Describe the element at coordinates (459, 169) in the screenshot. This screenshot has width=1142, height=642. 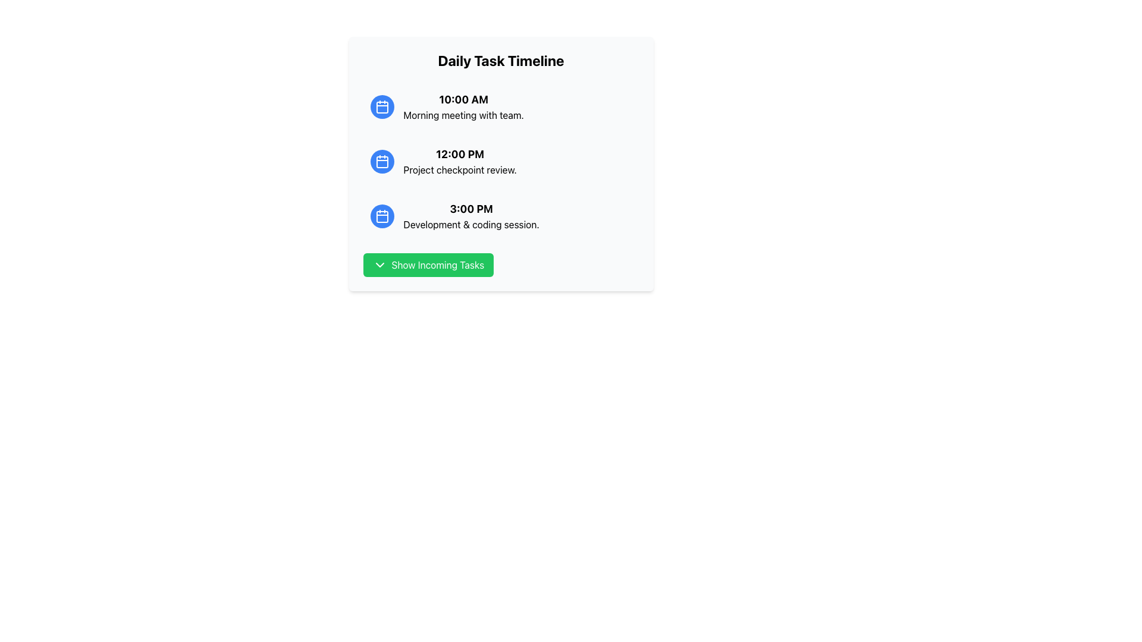
I see `the text label displaying 'Project checkpoint review.' which is located below the time label '12:00 PM' in the schedule list` at that location.